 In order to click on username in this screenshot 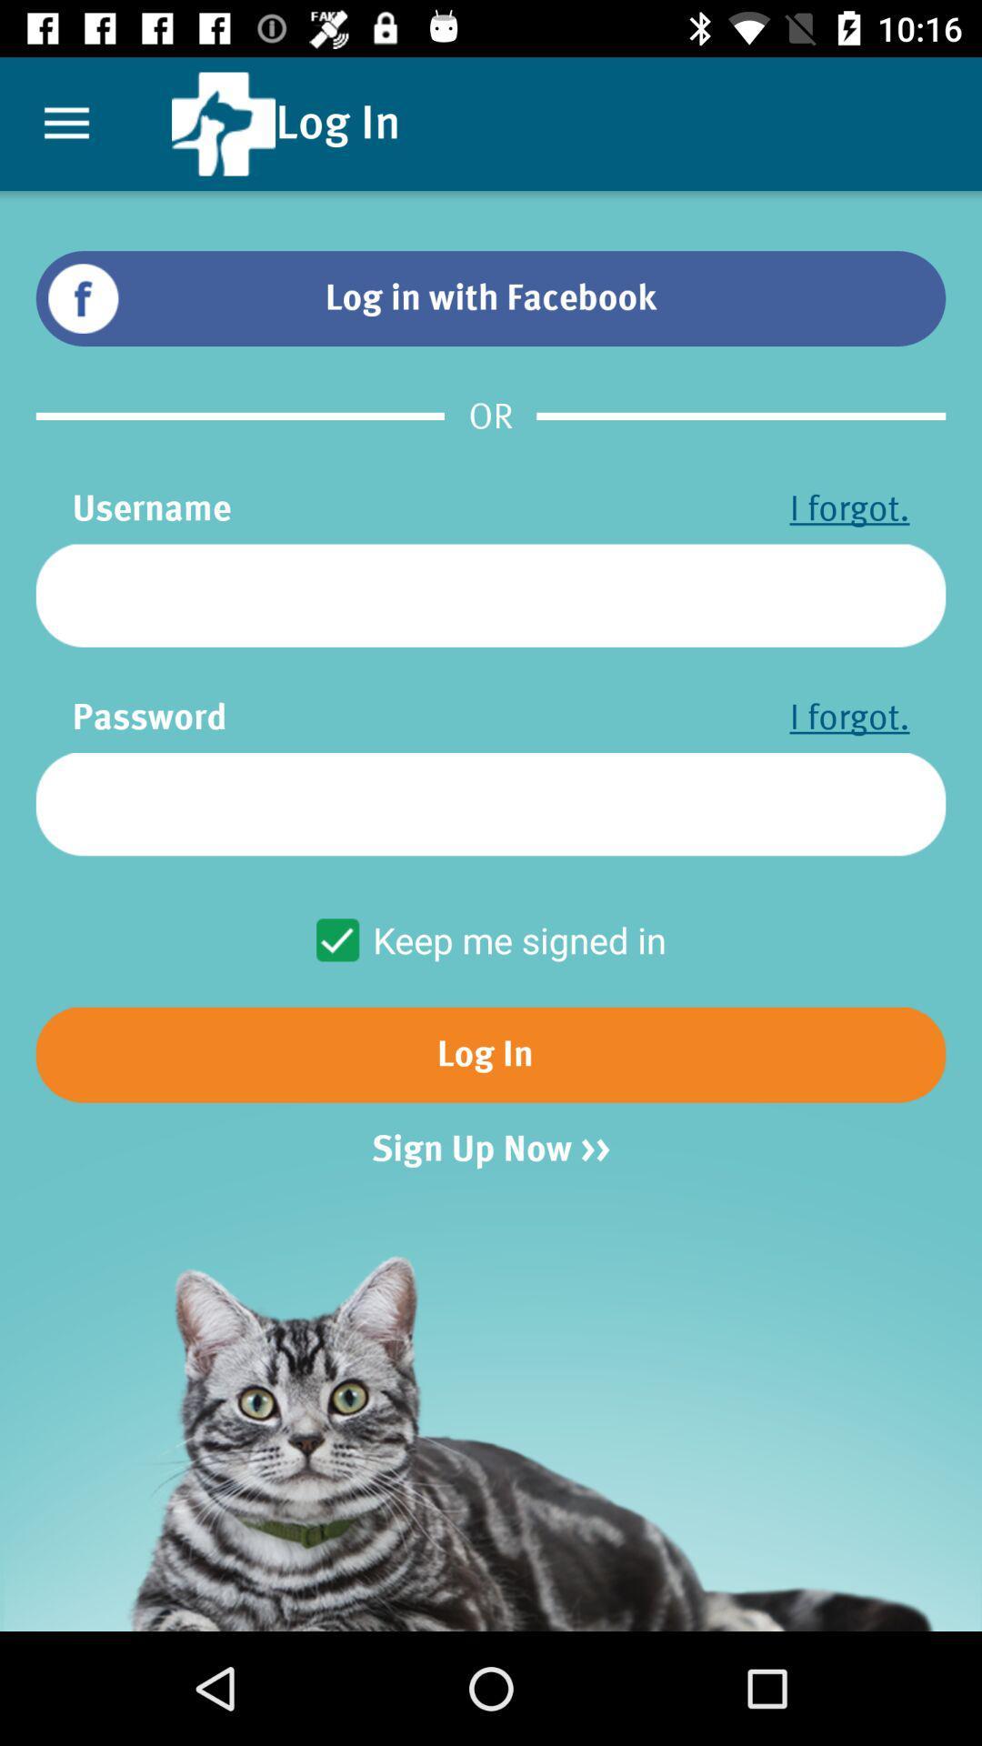, I will do `click(491, 596)`.